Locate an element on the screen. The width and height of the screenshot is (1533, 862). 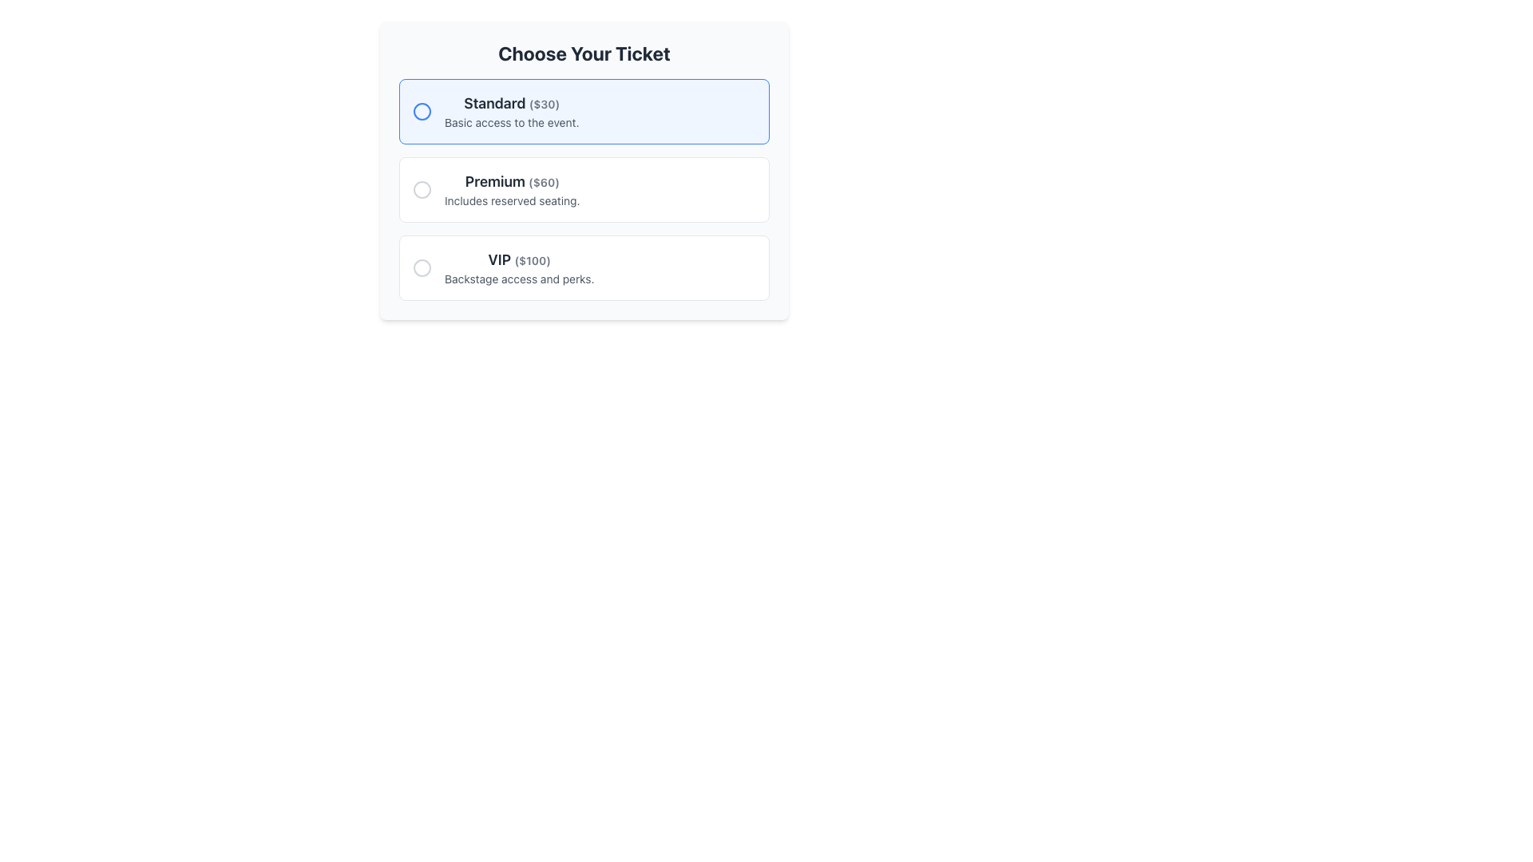
text of the 'Premium ($60)' label, which serves as the primary header for the ticket selection UI is located at coordinates (512, 180).